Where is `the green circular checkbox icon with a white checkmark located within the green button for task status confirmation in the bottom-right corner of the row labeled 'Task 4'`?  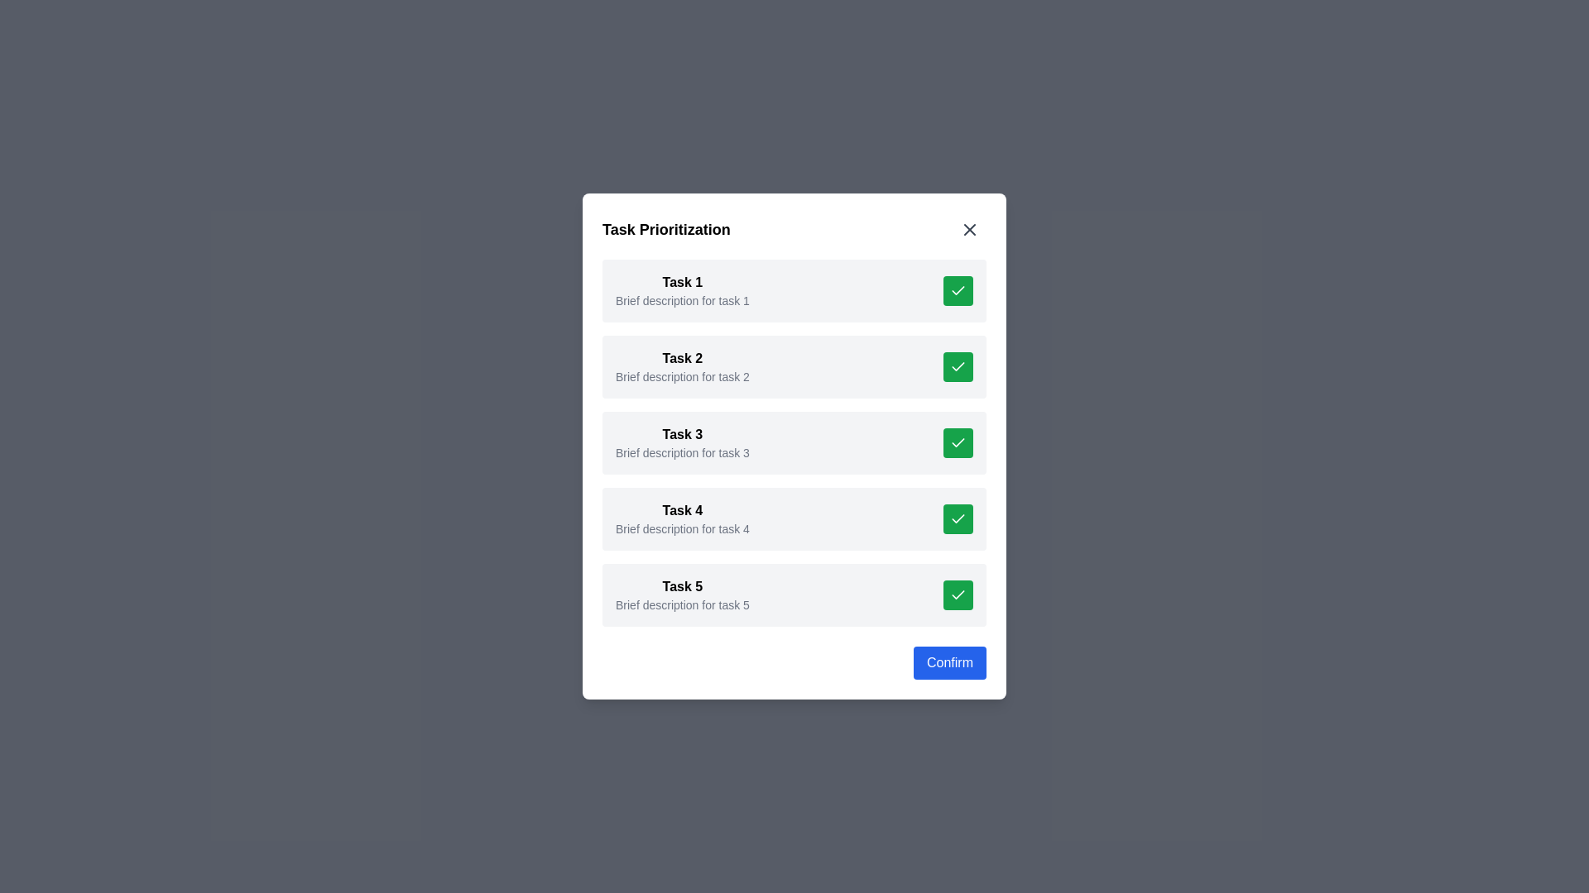 the green circular checkbox icon with a white checkmark located within the green button for task status confirmation in the bottom-right corner of the row labeled 'Task 4' is located at coordinates (958, 518).